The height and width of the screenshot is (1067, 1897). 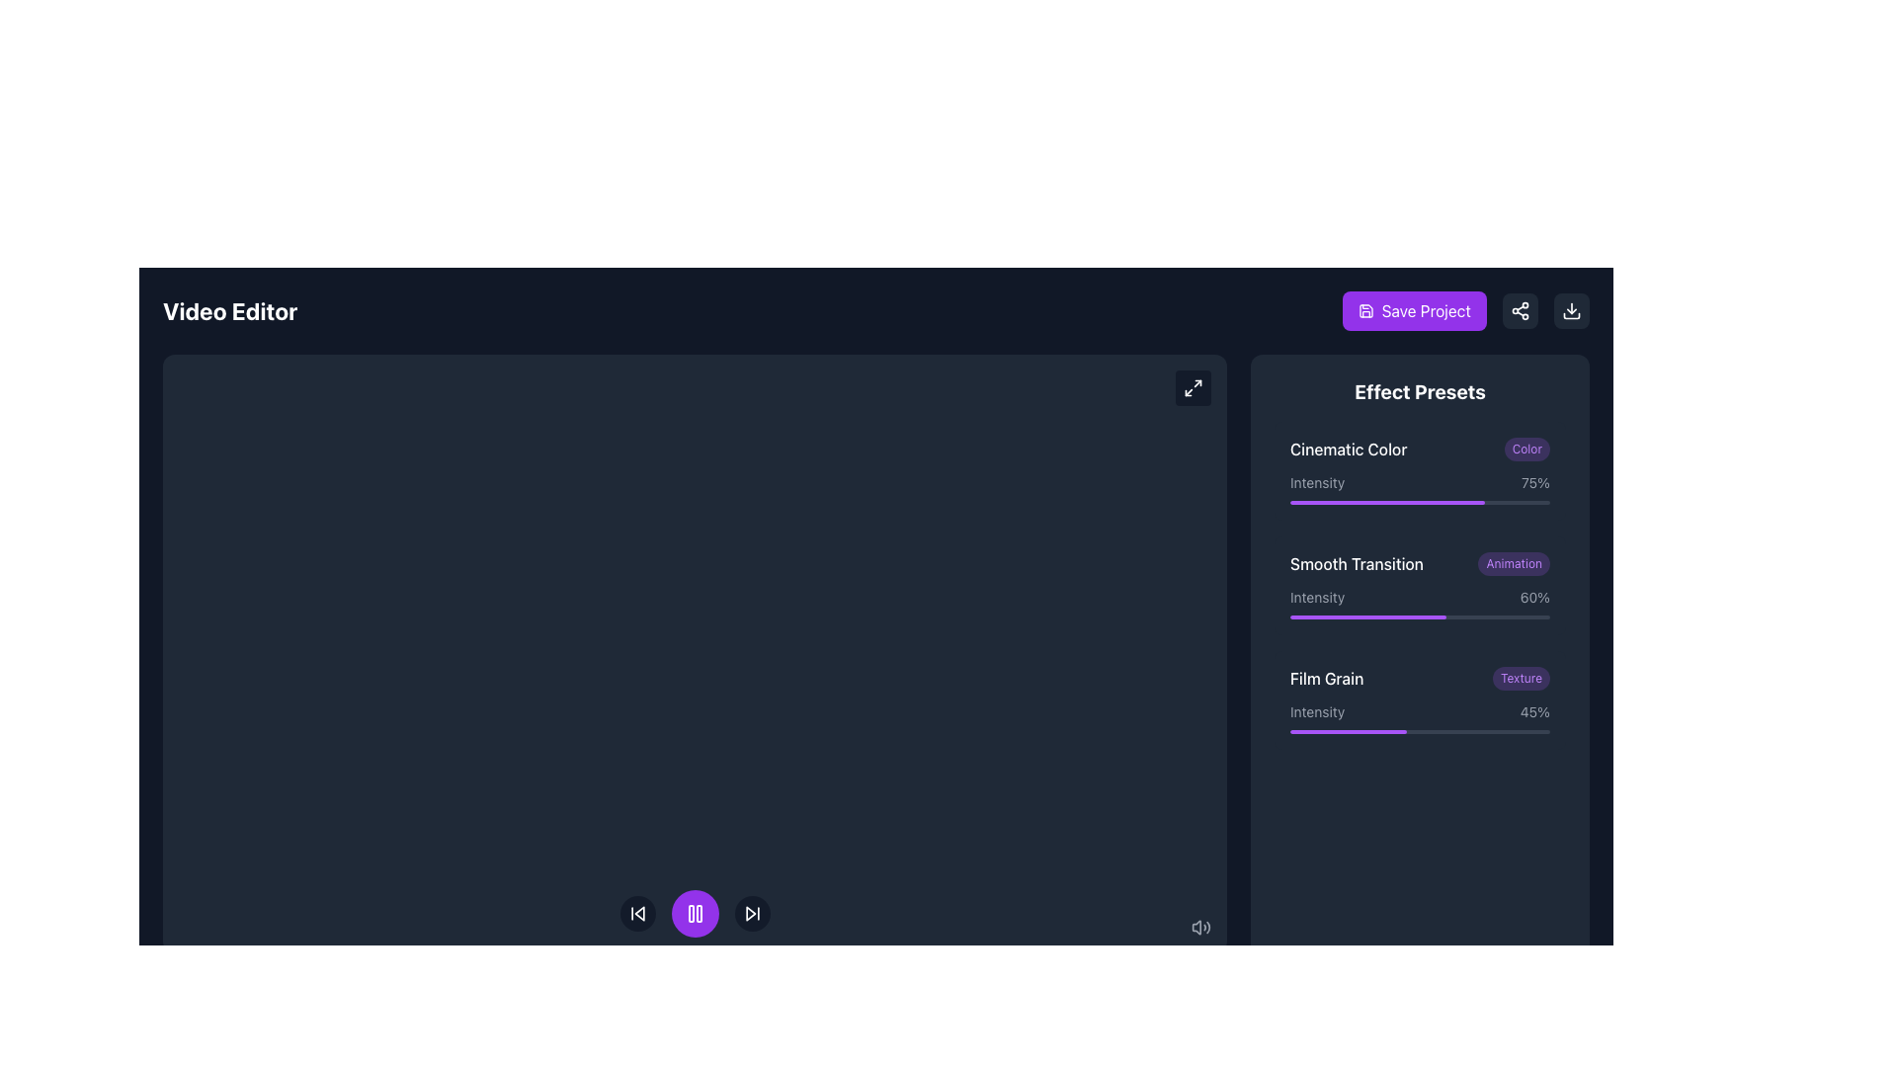 What do you see at coordinates (1316, 502) in the screenshot?
I see `Cinematic Color Intensity` at bounding box center [1316, 502].